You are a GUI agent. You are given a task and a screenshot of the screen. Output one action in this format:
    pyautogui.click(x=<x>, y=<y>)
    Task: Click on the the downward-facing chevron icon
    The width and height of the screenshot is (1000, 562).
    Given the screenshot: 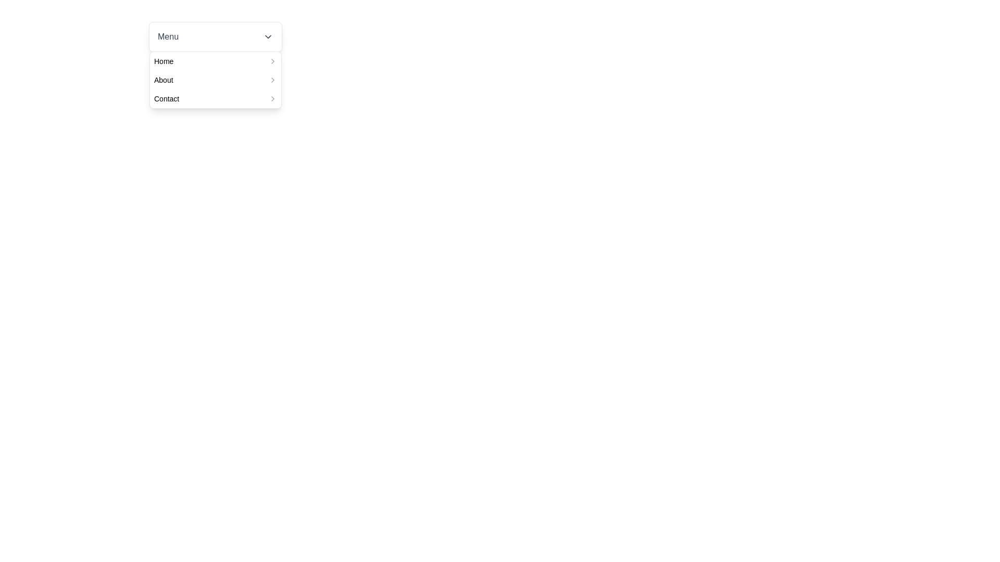 What is the action you would take?
    pyautogui.click(x=268, y=36)
    